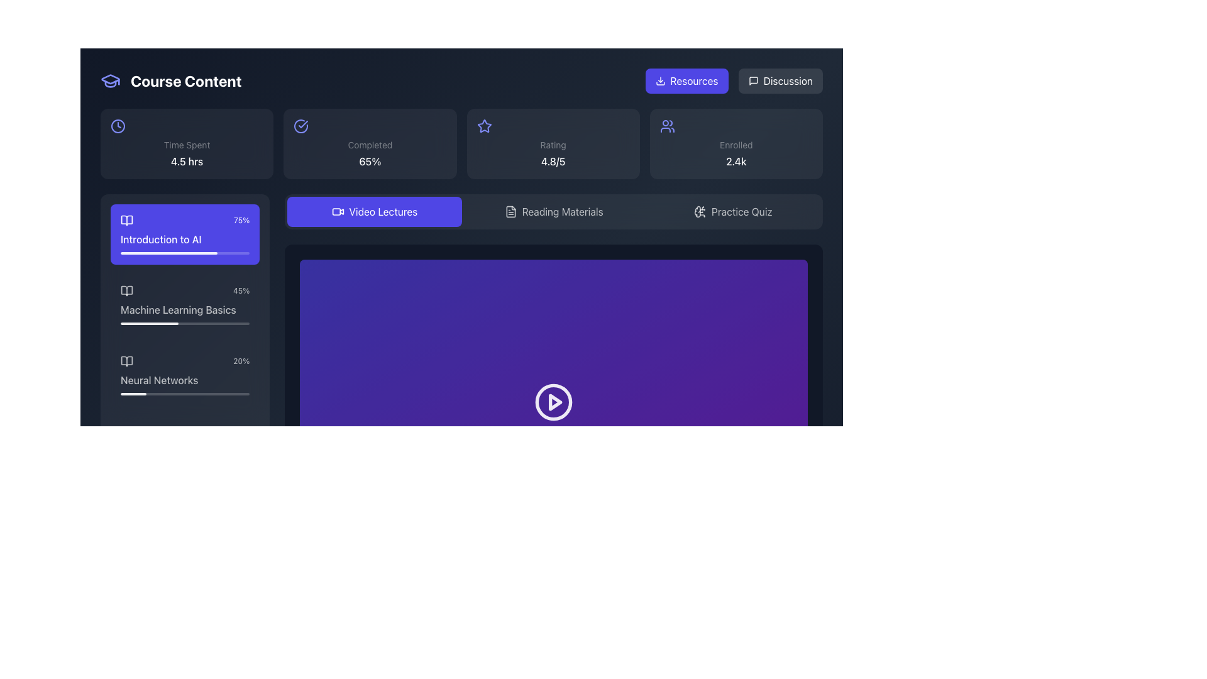  I want to click on the progress bar, so click(123, 253).